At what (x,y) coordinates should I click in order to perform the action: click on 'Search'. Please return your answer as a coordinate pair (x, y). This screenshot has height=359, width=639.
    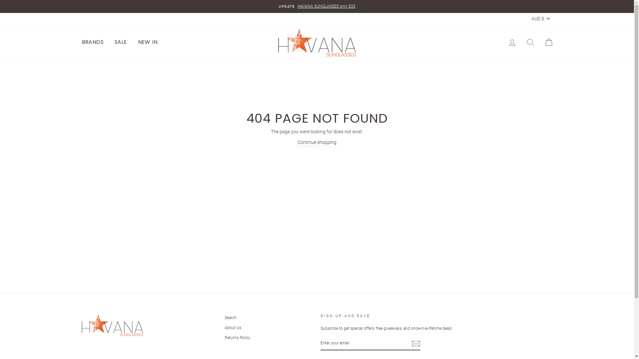
    Looking at the image, I should click on (230, 317).